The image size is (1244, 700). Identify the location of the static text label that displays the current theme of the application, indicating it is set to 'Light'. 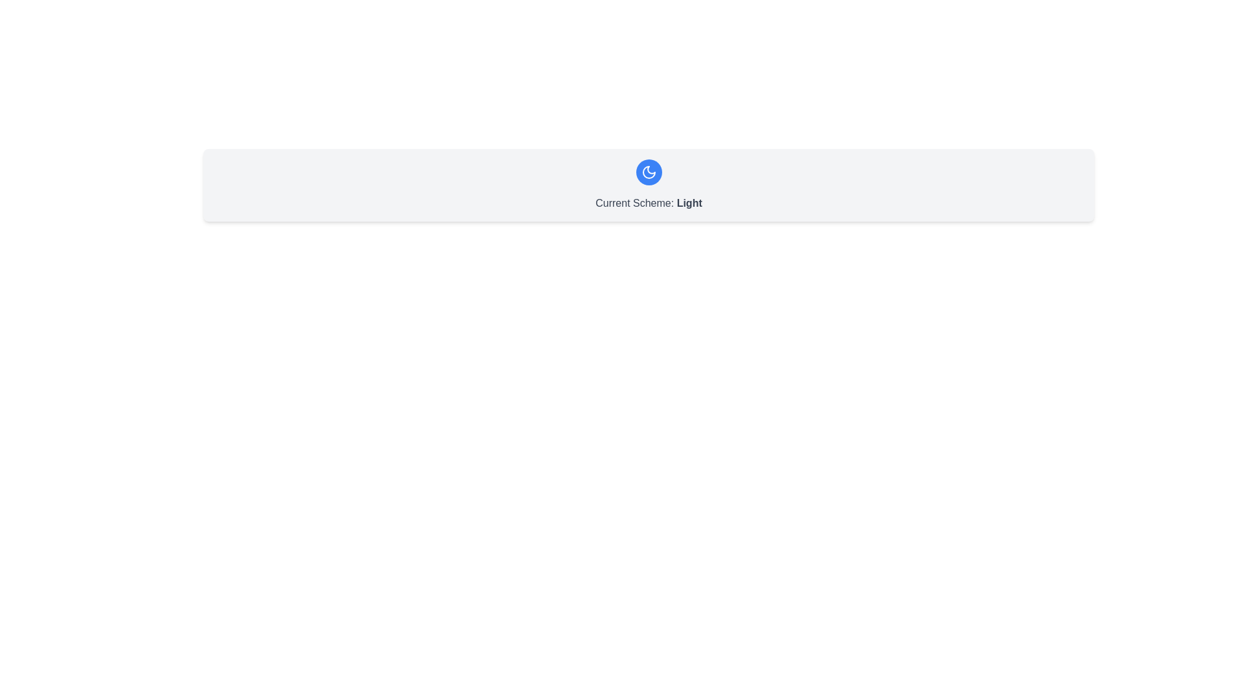
(649, 203).